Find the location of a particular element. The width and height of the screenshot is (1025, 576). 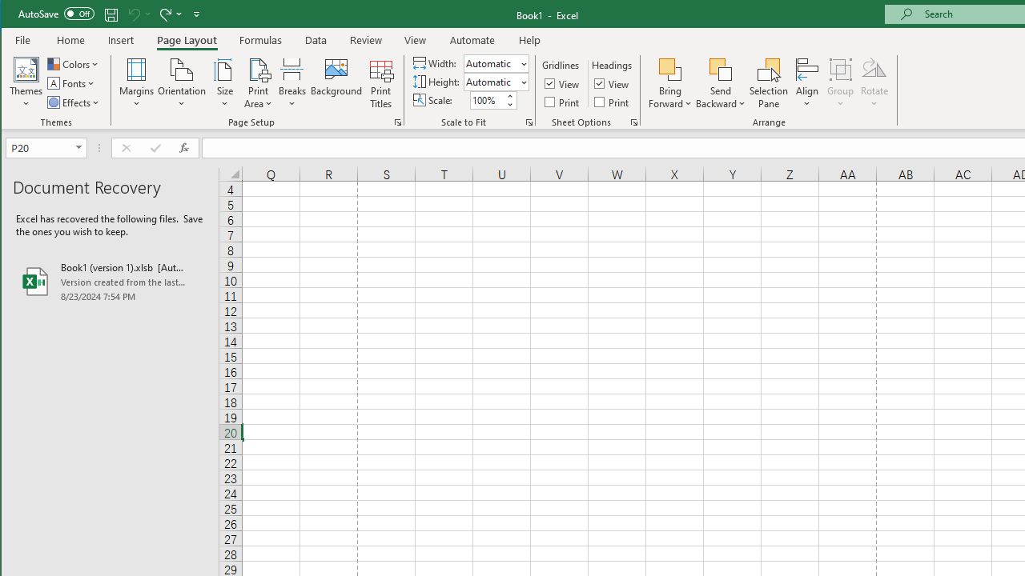

'Themes' is located at coordinates (26, 83).